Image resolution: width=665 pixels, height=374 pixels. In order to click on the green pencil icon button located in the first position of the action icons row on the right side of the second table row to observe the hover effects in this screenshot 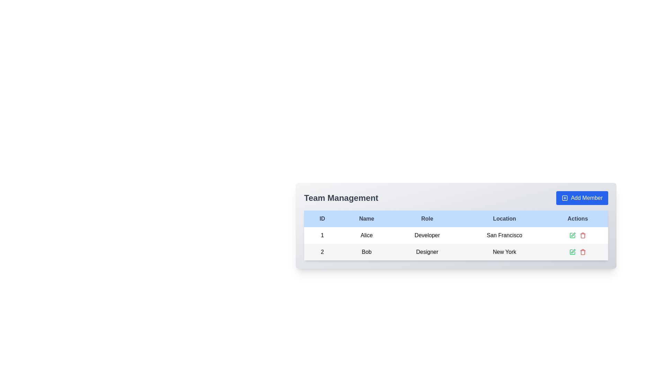, I will do `click(573, 235)`.